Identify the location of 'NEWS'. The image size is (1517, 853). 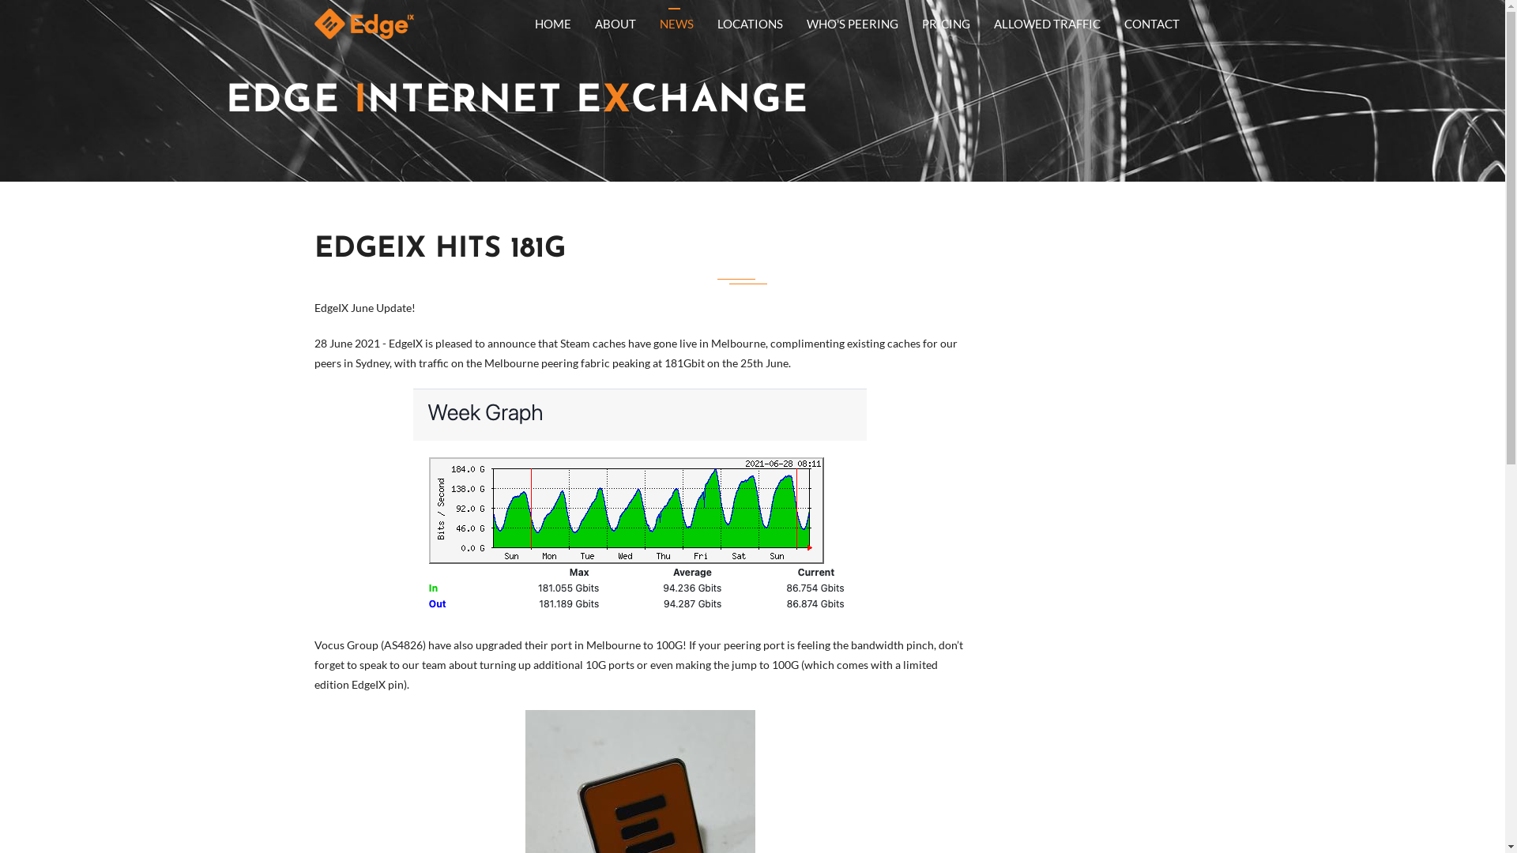
(676, 24).